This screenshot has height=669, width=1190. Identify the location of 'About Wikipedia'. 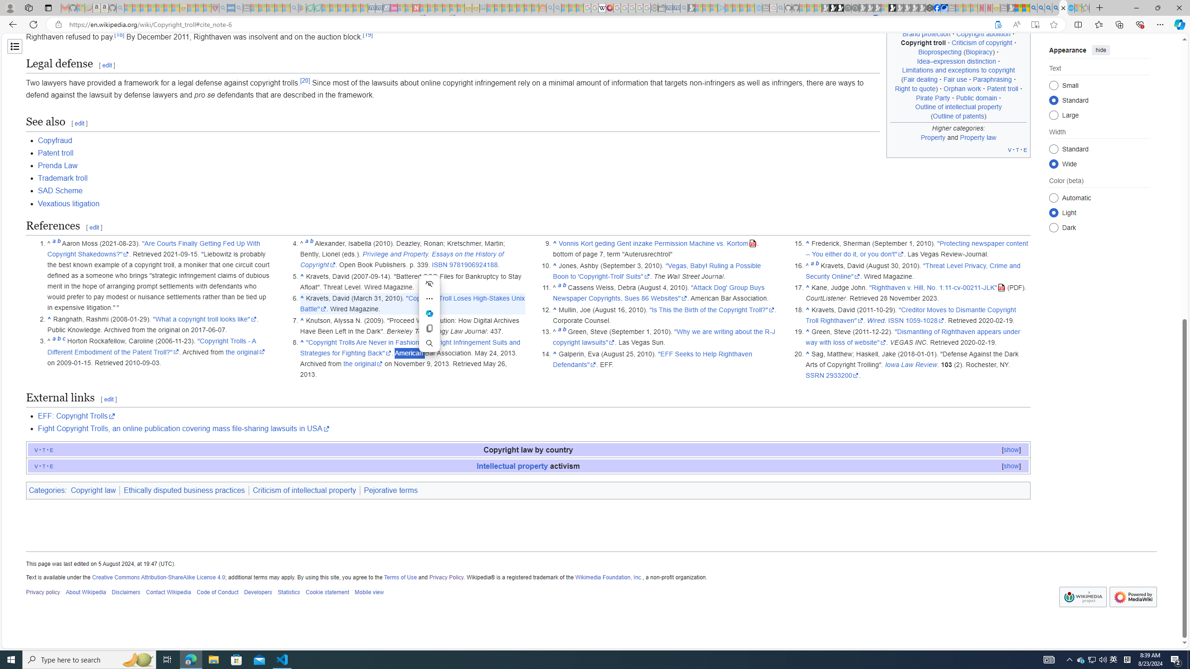
(85, 592).